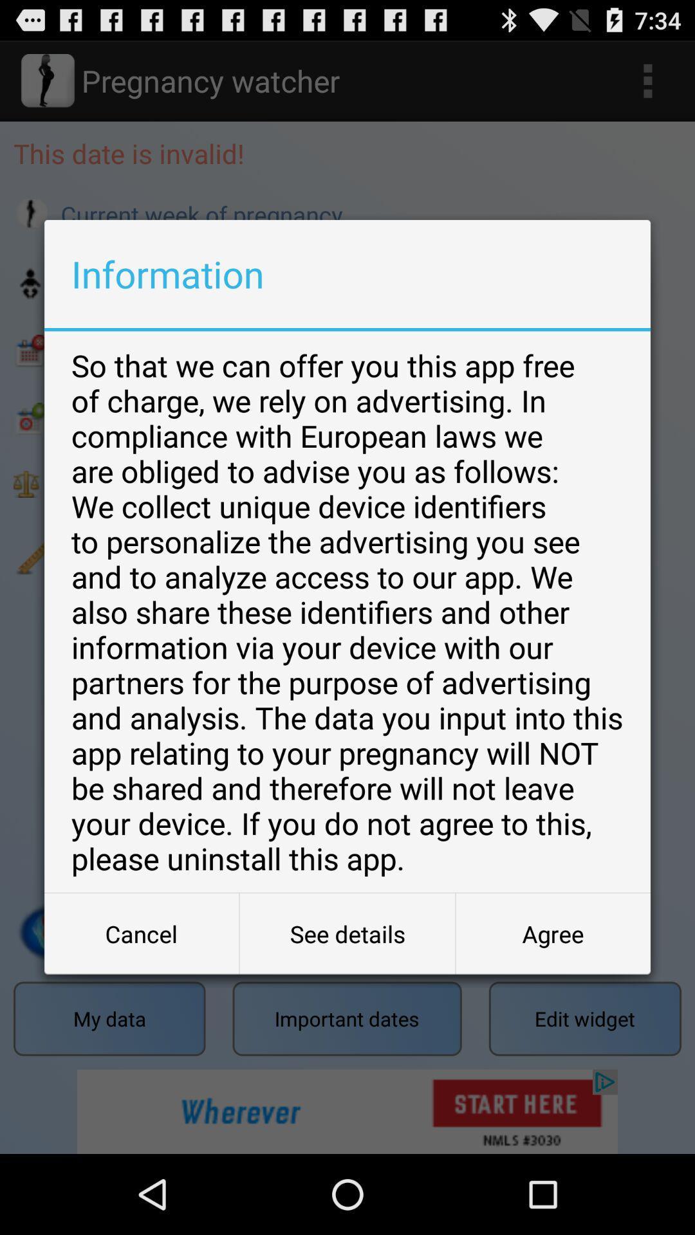 Image resolution: width=695 pixels, height=1235 pixels. I want to click on the icon next to the see details icon, so click(552, 933).